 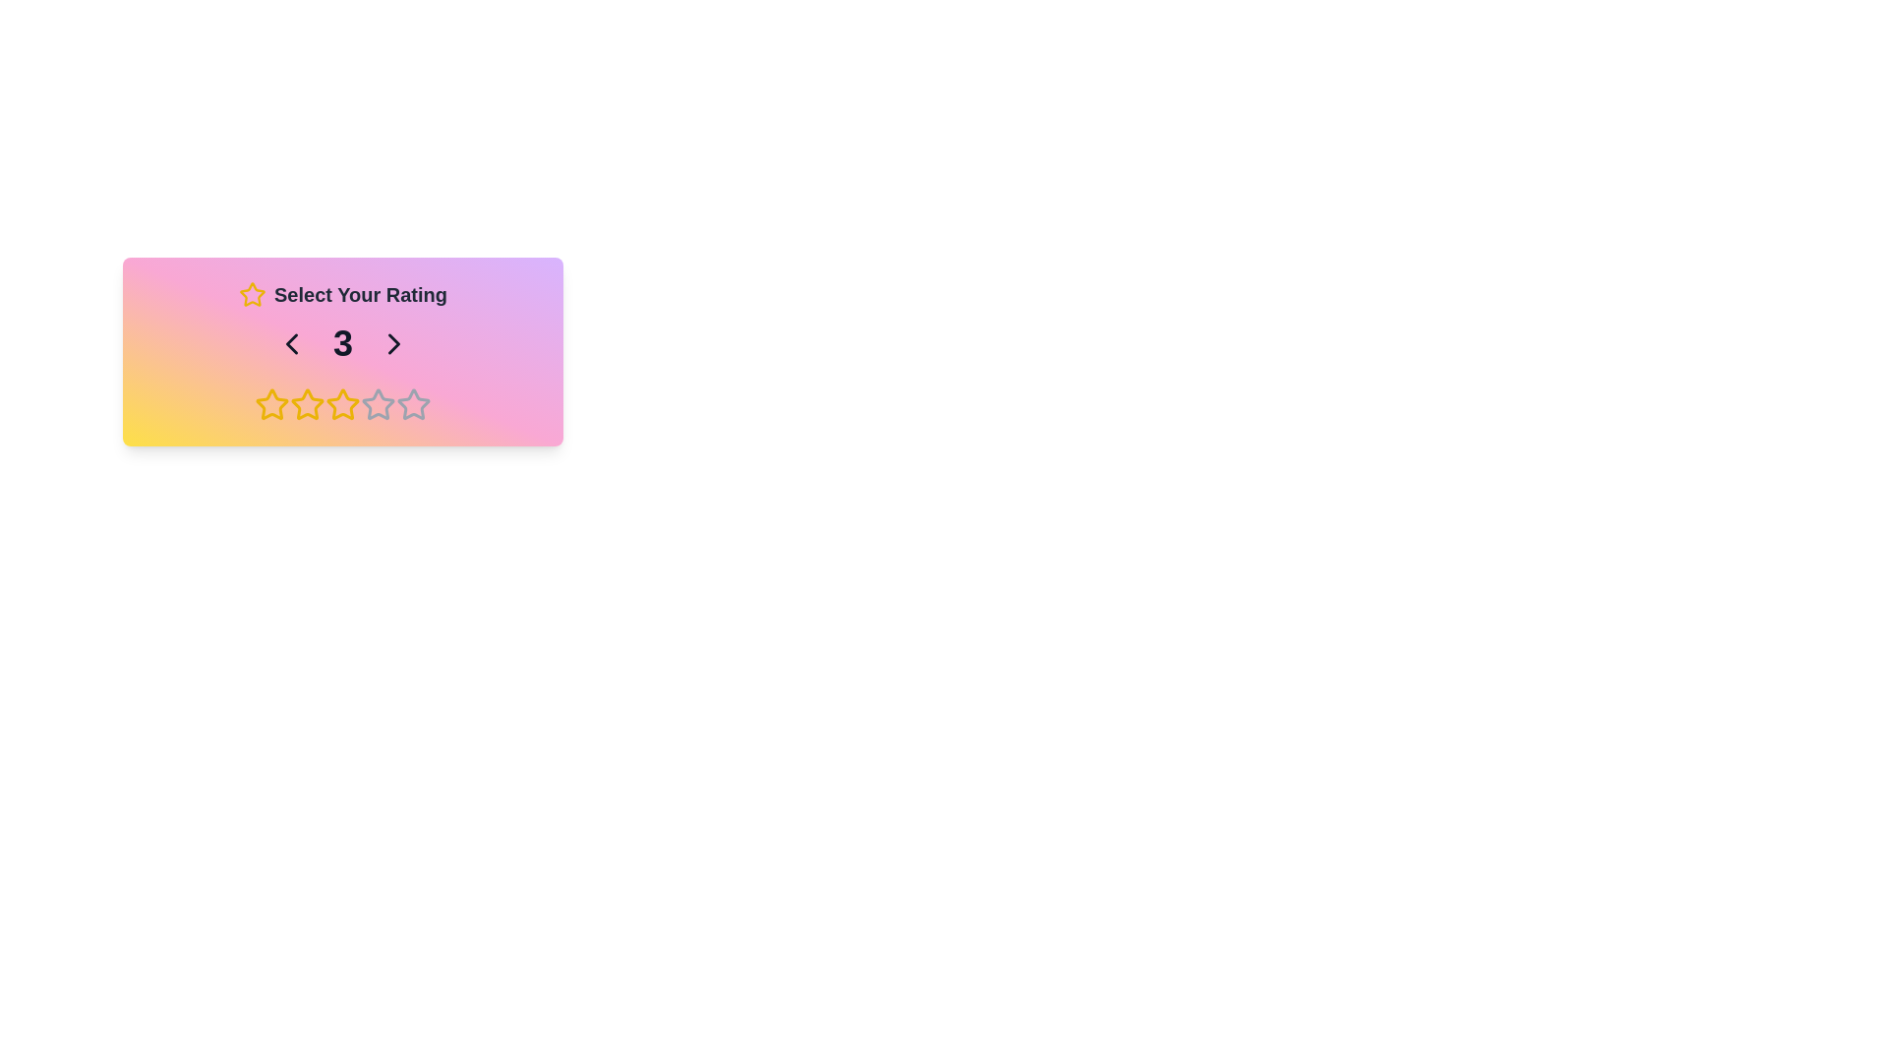 I want to click on the bold number '3' displayed in a large font size, which is centrally placed on a pastel gradient background, indicating a user rating or selection, so click(x=343, y=343).